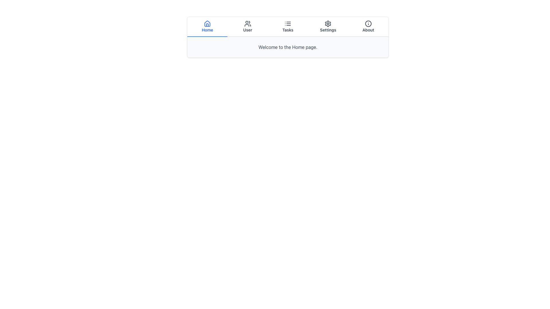 Image resolution: width=550 pixels, height=309 pixels. I want to click on the cogwheel-shaped icon located in the navigation bar, specifically the fourth element from the left, so click(328, 23).